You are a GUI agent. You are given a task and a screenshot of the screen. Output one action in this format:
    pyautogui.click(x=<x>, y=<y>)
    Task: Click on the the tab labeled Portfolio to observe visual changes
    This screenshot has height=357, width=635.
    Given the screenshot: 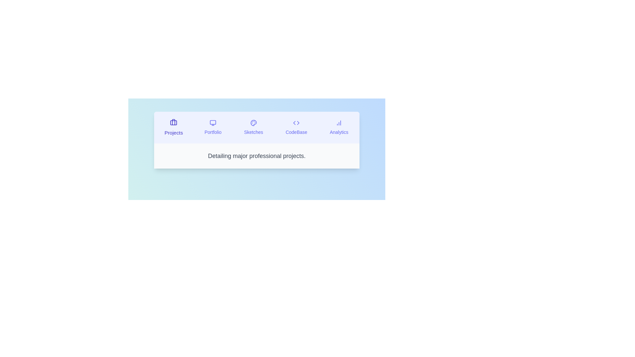 What is the action you would take?
    pyautogui.click(x=213, y=127)
    